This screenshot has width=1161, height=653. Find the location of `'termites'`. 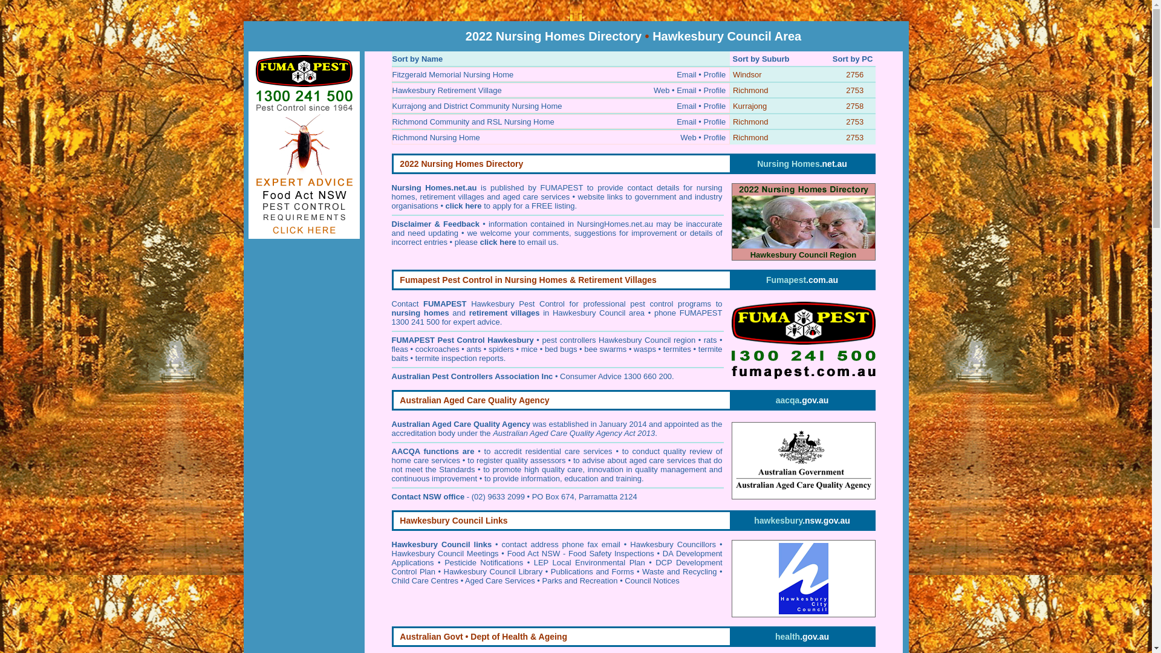

'termites' is located at coordinates (676, 349).